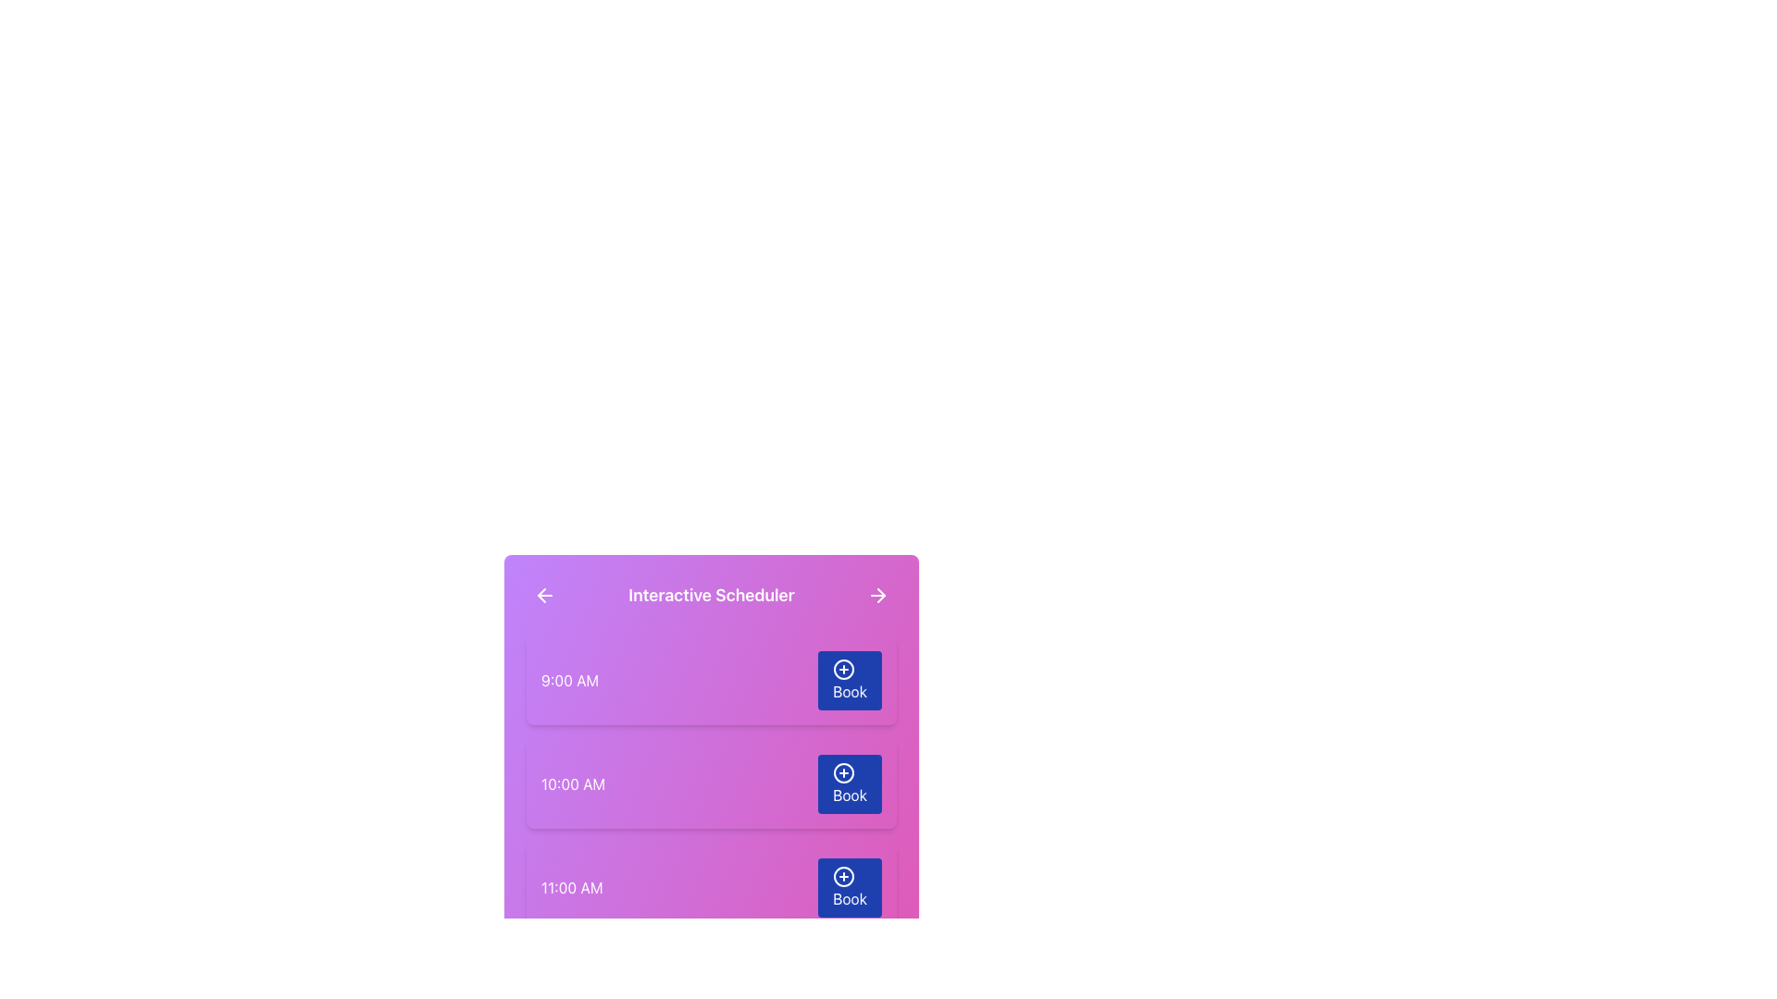 Image resolution: width=1777 pixels, height=999 pixels. I want to click on the right-arrow icon that is part of a rounded button in the top-right corner of the interactive scheduler's header bar, so click(877, 596).